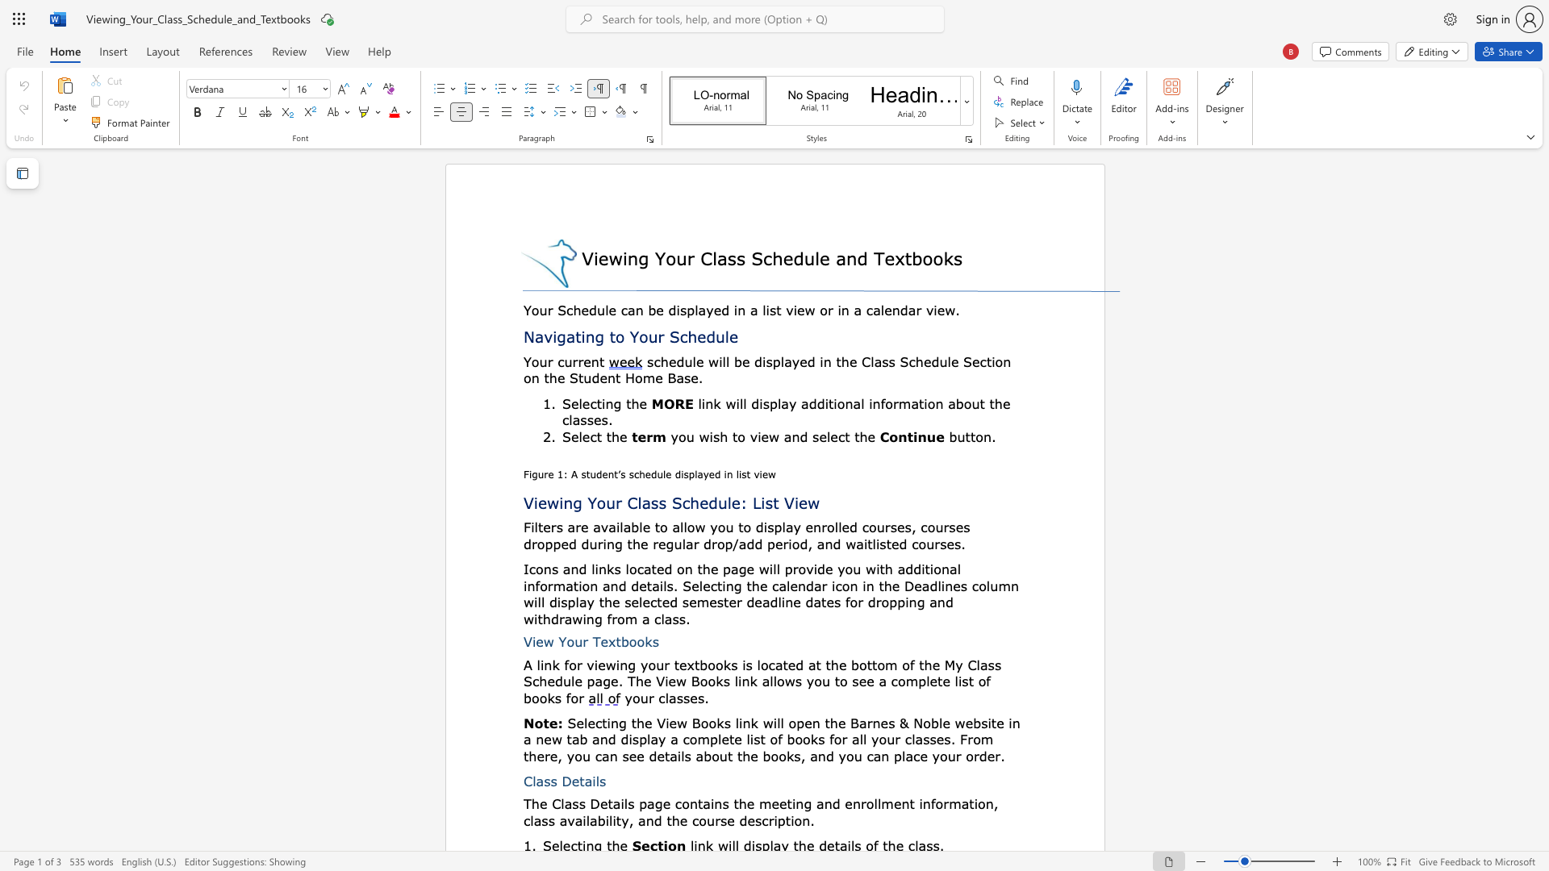 The image size is (1549, 871). I want to click on the subset text "our curren" within the text "Your current", so click(531, 360).